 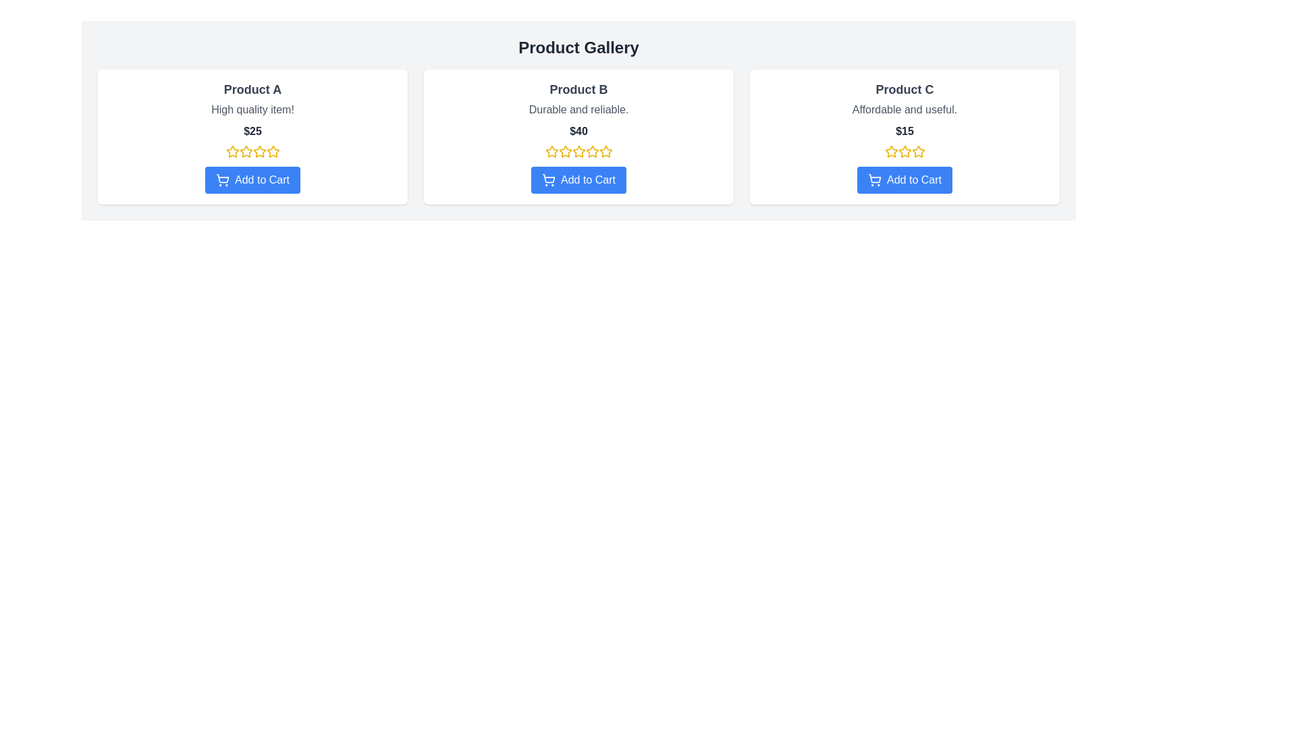 What do you see at coordinates (578, 151) in the screenshot?
I see `the second star icon in the interactive rating widget` at bounding box center [578, 151].